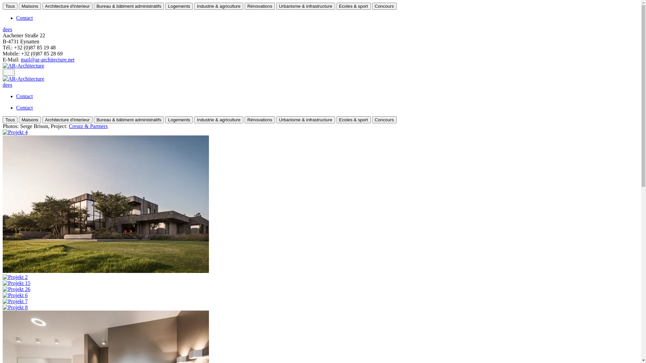 The height and width of the screenshot is (363, 646). Describe the element at coordinates (10, 84) in the screenshot. I see `'es'` at that location.